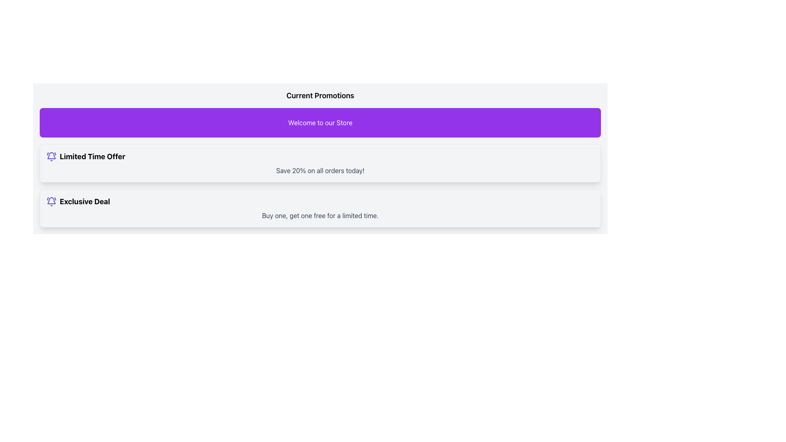 Image resolution: width=786 pixels, height=442 pixels. Describe the element at coordinates (51, 156) in the screenshot. I see `the decorative icon that highlights the 'Limited Time Offer' label, located at the top-left of the group, which is the first item among its children` at that location.